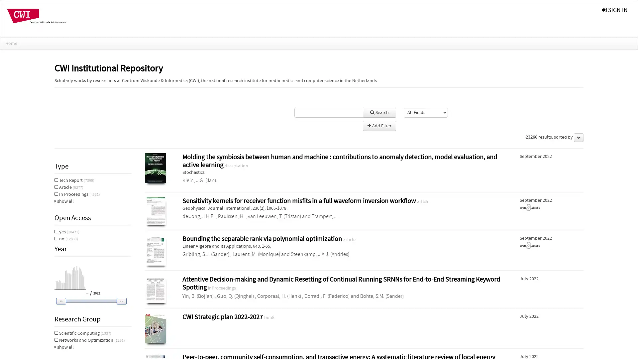 The height and width of the screenshot is (359, 638). I want to click on Add Filter, so click(379, 126).